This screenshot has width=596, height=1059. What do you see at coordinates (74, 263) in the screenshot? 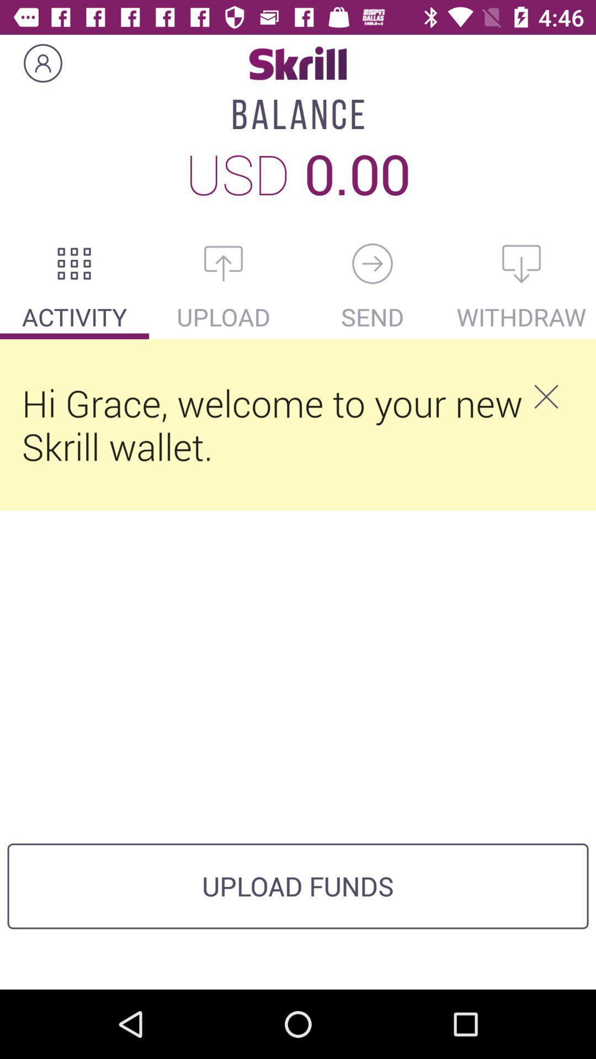
I see `check activity` at bounding box center [74, 263].